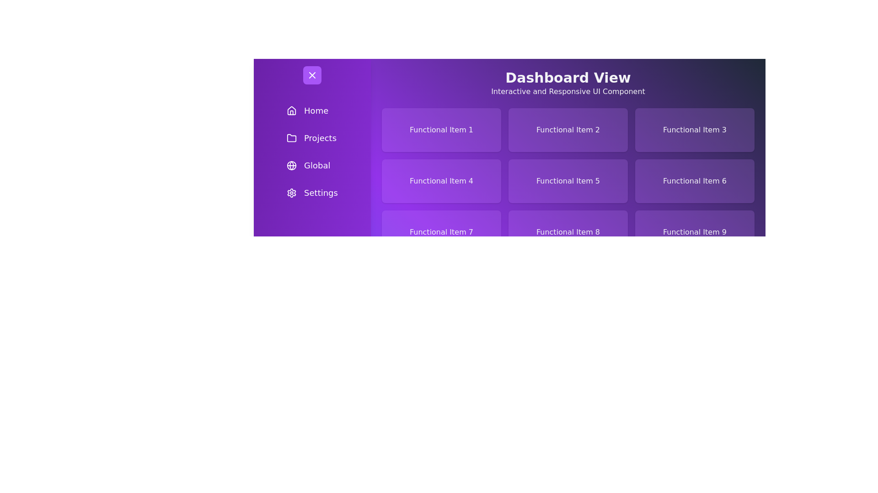 This screenshot has width=878, height=493. Describe the element at coordinates (312, 165) in the screenshot. I see `the menu item labeled Global to navigate` at that location.